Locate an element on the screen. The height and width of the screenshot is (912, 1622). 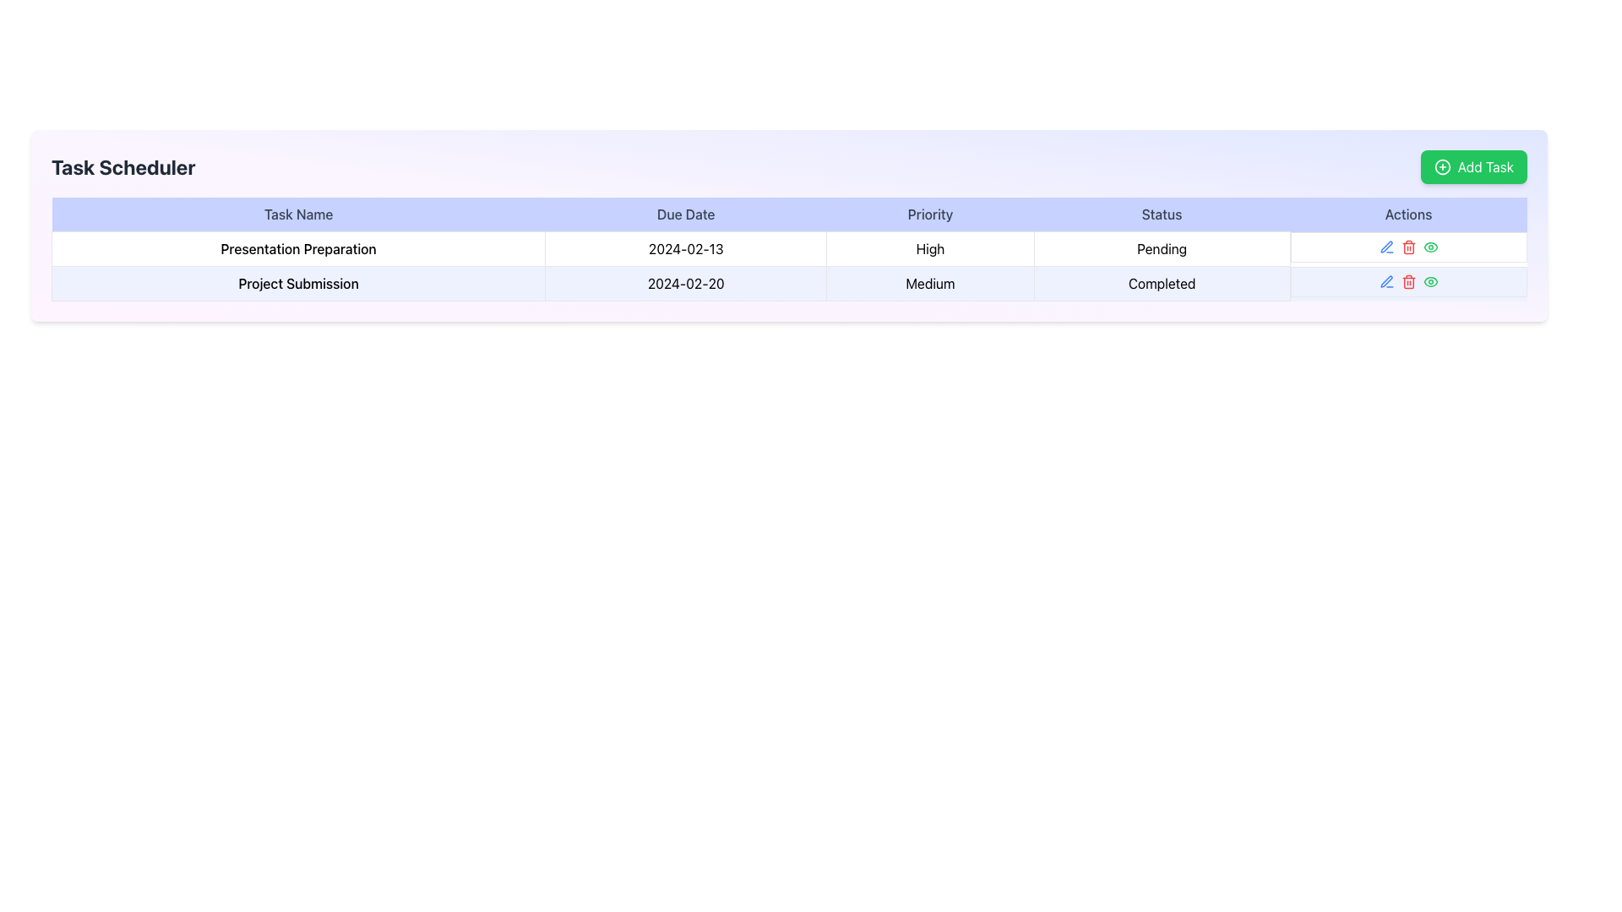
the static text label that serves as the section title, named 'Task Scheduler', located on the leftmost side of its horizontal layout is located at coordinates (122, 166).